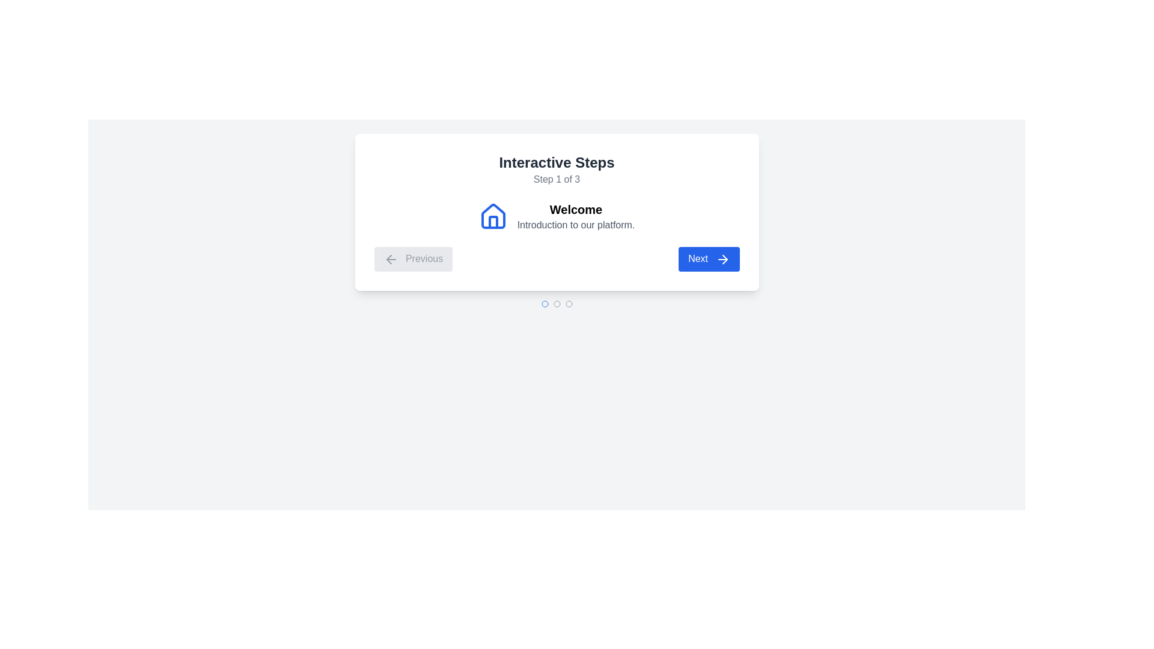 The height and width of the screenshot is (649, 1154). I want to click on the text label displaying 'Step 1 of 3', which is positioned below the header 'Interactive Steps' and is styled with a light gray color, so click(556, 180).